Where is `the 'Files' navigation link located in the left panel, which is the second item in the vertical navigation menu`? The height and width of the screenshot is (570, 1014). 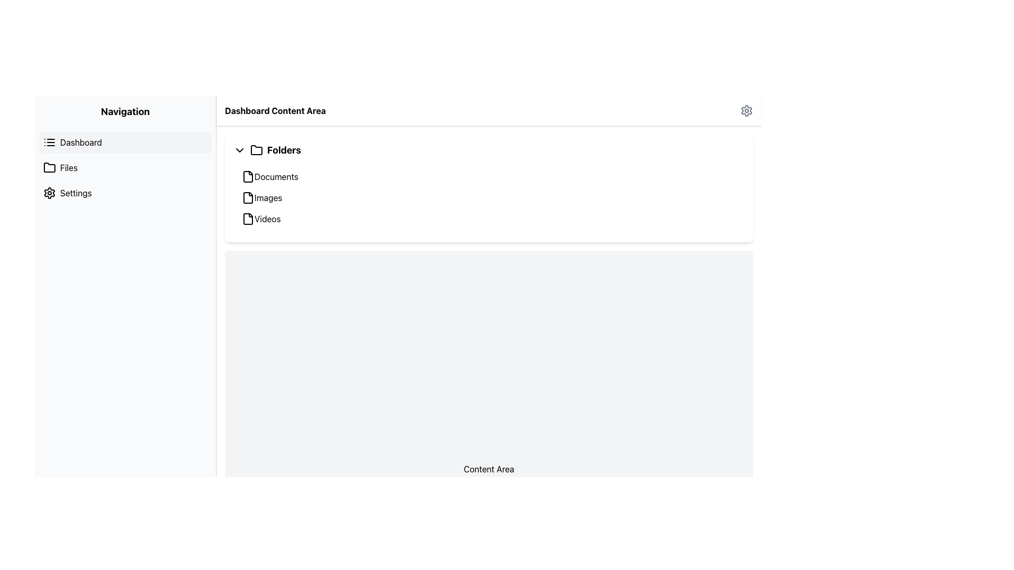
the 'Files' navigation link located in the left panel, which is the second item in the vertical navigation menu is located at coordinates (125, 167).